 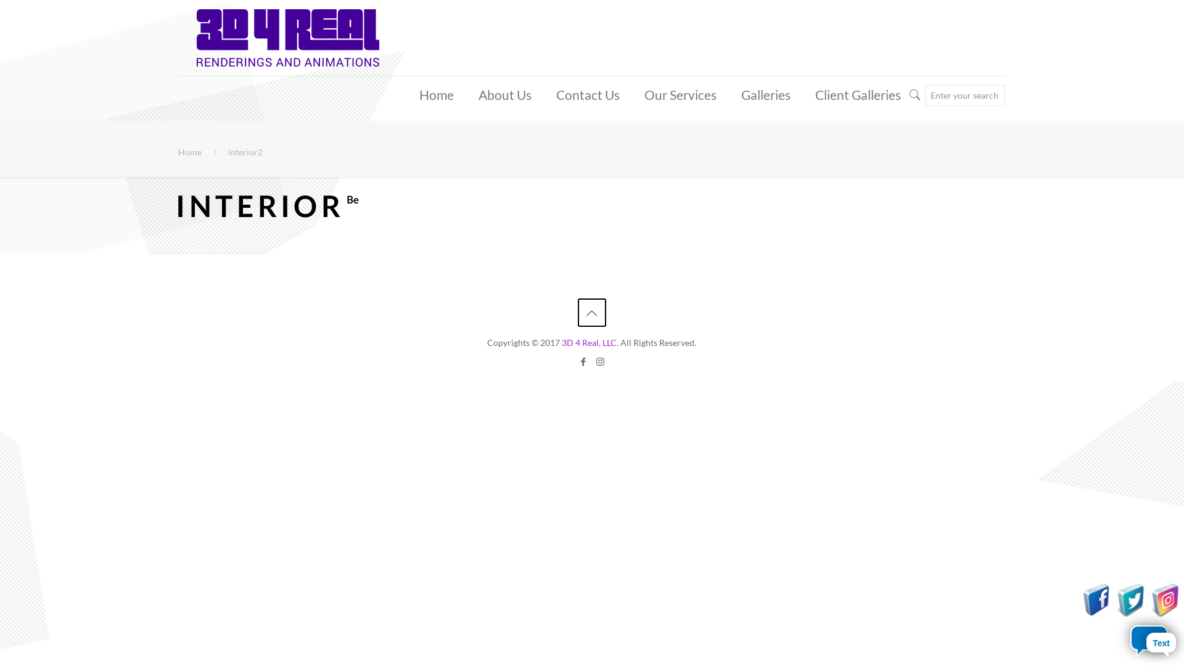 I want to click on '3D 4 Real, LLC', so click(x=561, y=342).